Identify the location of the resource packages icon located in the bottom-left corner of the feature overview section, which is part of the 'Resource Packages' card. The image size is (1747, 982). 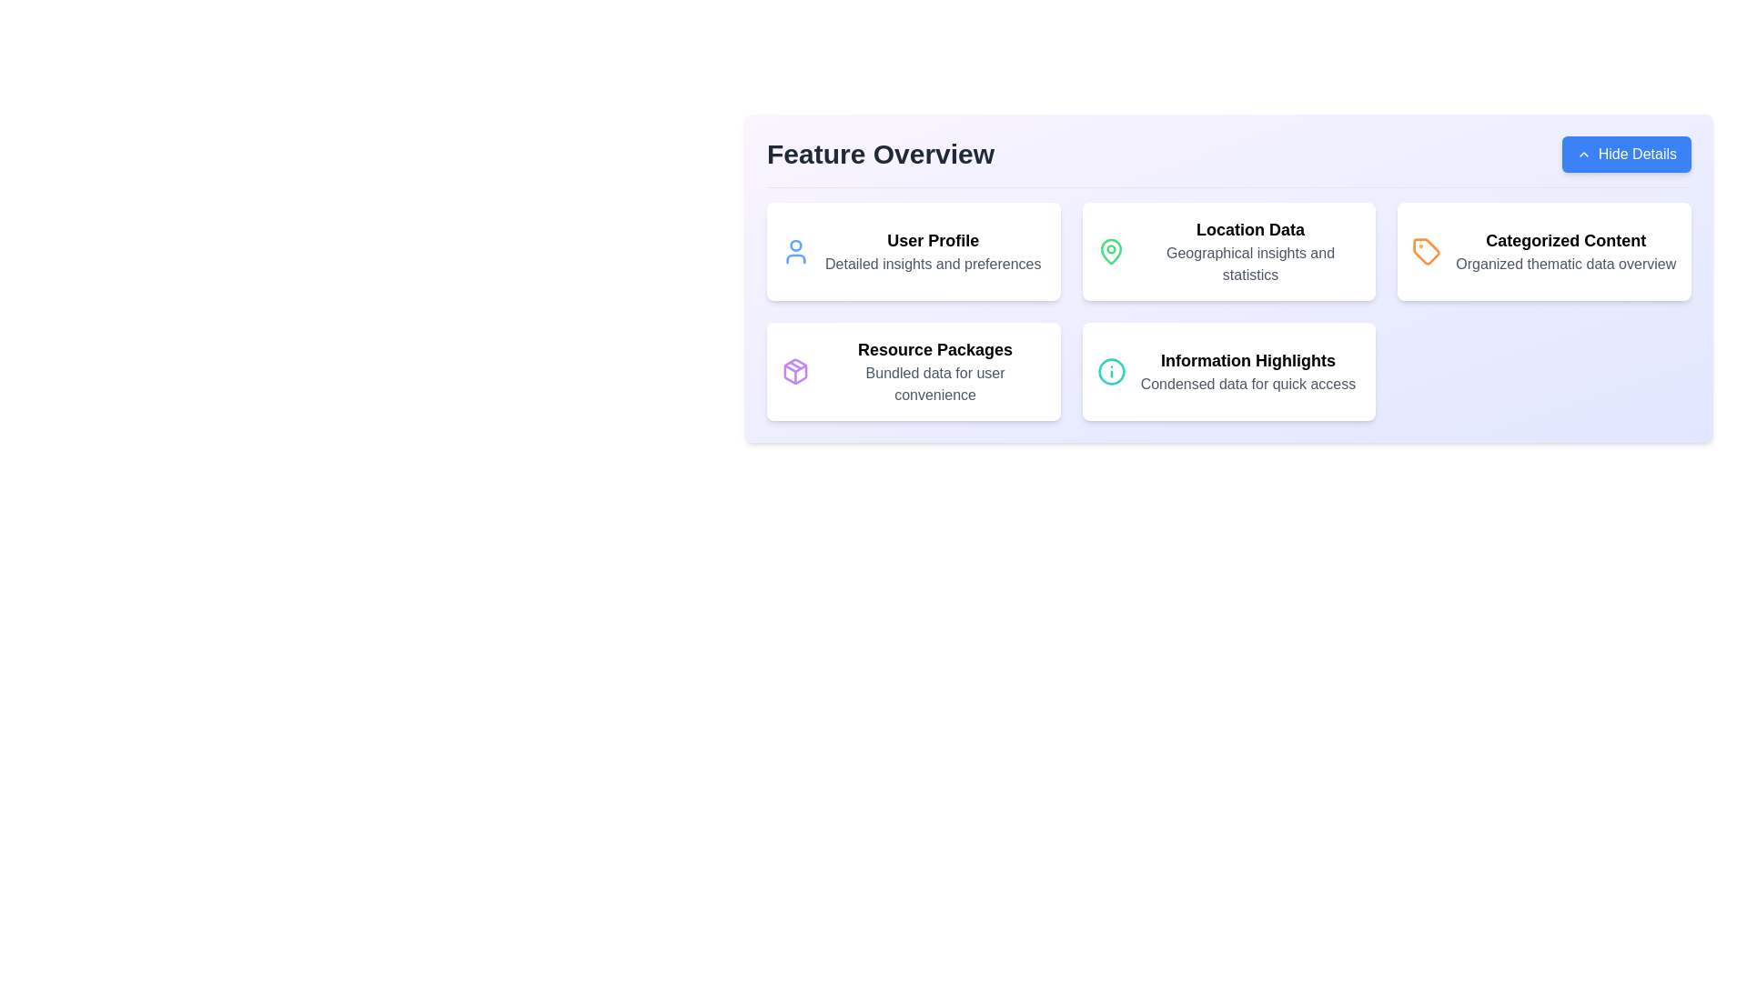
(795, 370).